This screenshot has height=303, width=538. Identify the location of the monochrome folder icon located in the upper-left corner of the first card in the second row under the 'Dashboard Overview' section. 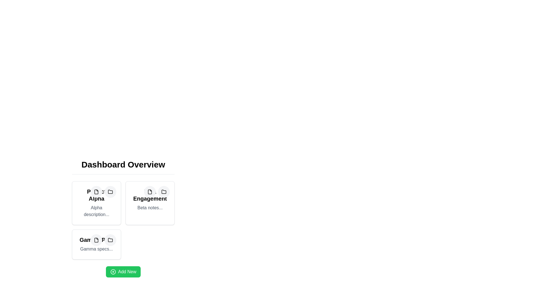
(110, 191).